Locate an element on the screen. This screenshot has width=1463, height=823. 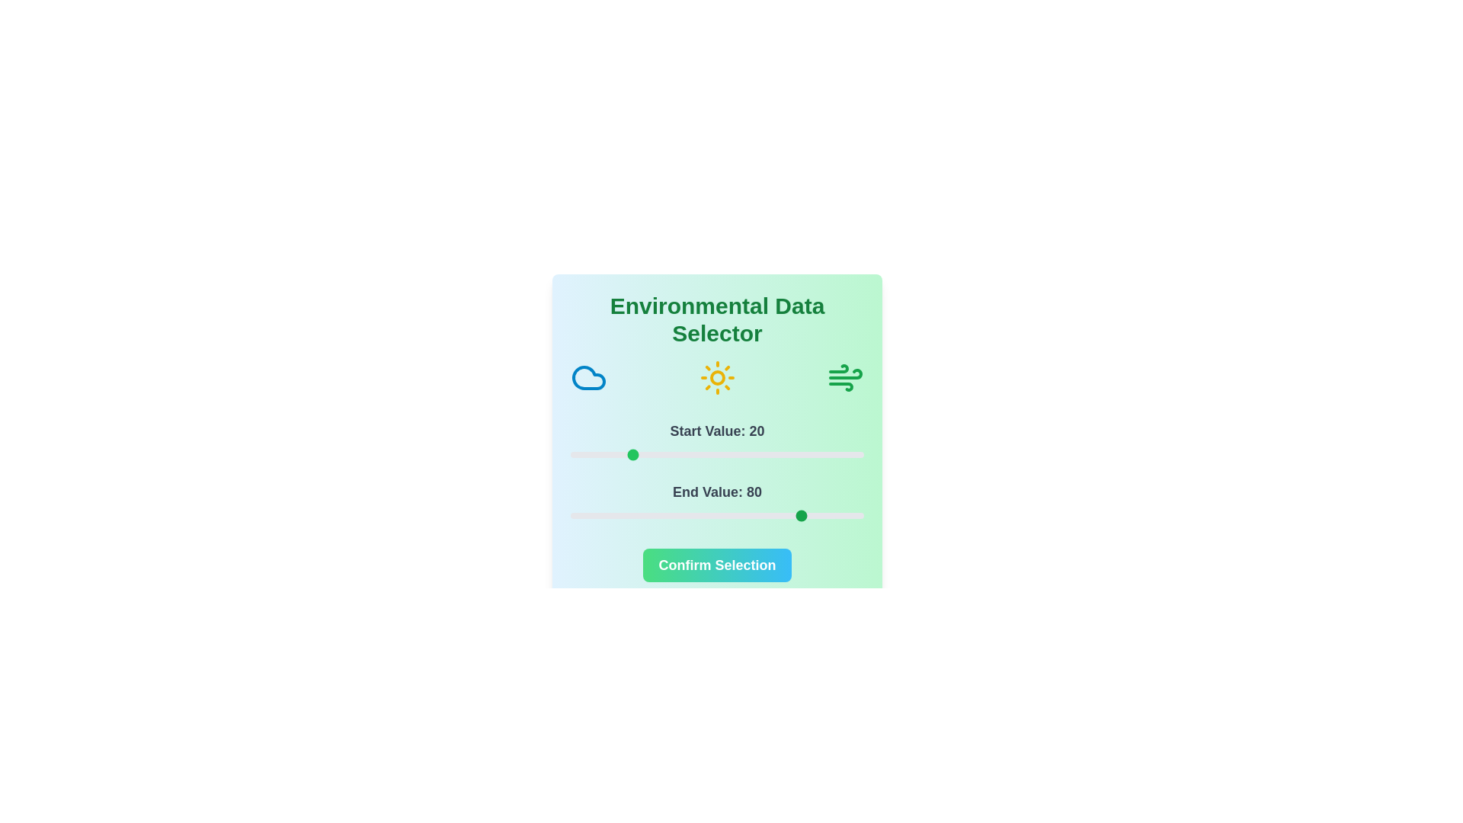
the Range slider labeled 'End Value: 80' is located at coordinates (716, 502).